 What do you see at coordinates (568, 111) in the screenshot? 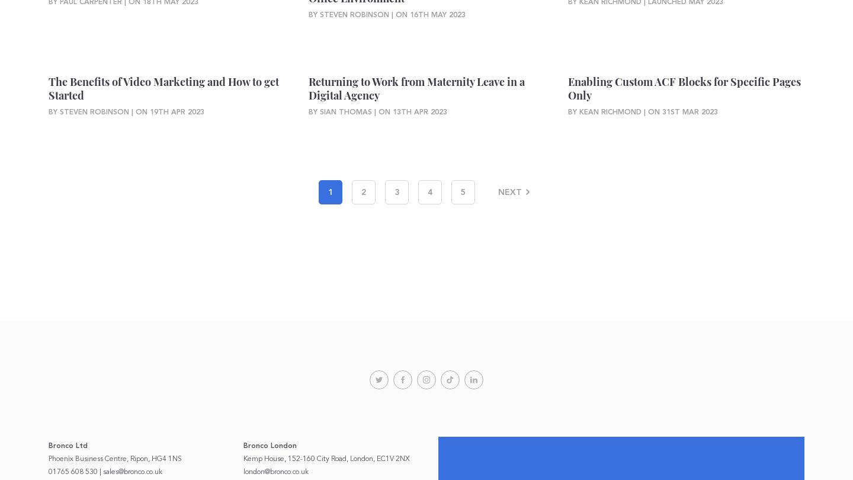
I see `'By Kean Richmond | On'` at bounding box center [568, 111].